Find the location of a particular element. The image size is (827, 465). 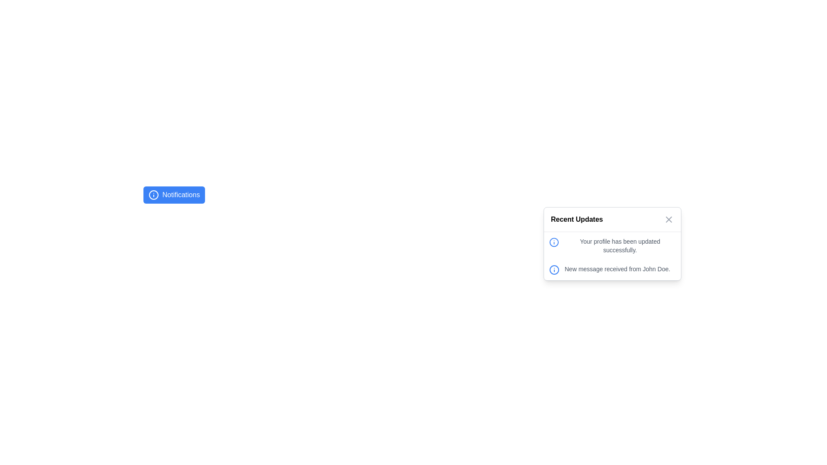

the informational icon, which is a small circular SVG graphic with a blue stroke and two interior marks, located to the left of the text 'Your profile has been updated successfully' in the notification area is located at coordinates (554, 242).